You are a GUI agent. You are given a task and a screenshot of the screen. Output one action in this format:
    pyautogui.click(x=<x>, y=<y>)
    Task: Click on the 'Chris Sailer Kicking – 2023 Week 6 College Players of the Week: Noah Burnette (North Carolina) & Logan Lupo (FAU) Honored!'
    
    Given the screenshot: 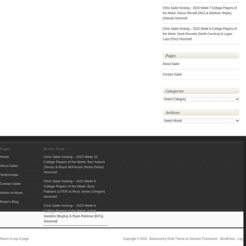 What is the action you would take?
    pyautogui.click(x=162, y=34)
    